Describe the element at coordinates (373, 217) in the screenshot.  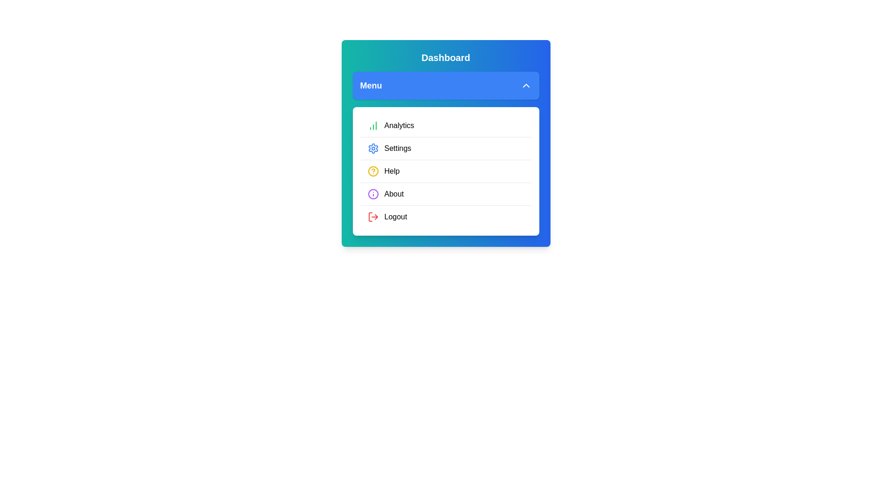
I see `the logout graphic icon located to the left of the 'Logout' label in the dropdown menu` at that location.